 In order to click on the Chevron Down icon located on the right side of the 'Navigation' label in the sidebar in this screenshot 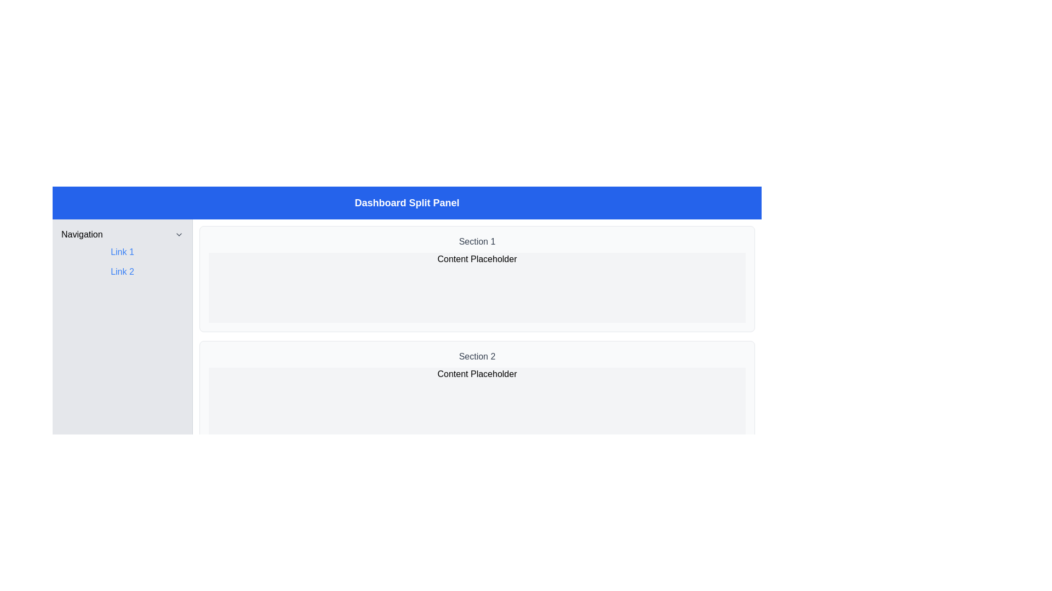, I will do `click(179, 234)`.